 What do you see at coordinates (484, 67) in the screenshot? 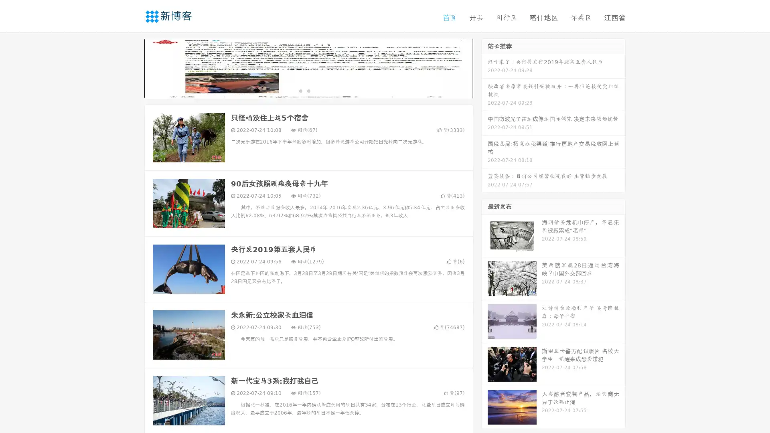
I see `Next slide` at bounding box center [484, 67].